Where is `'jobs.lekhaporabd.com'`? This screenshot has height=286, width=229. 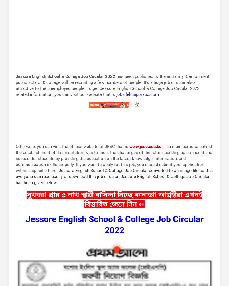 'jobs.lekhaporabd.com' is located at coordinates (137, 94).